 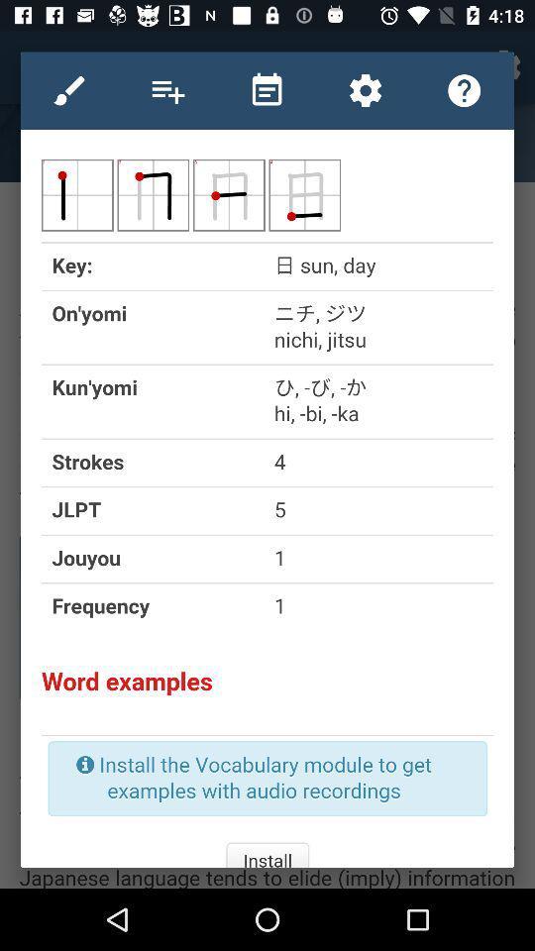 I want to click on the playlist icon, so click(x=168, y=97).